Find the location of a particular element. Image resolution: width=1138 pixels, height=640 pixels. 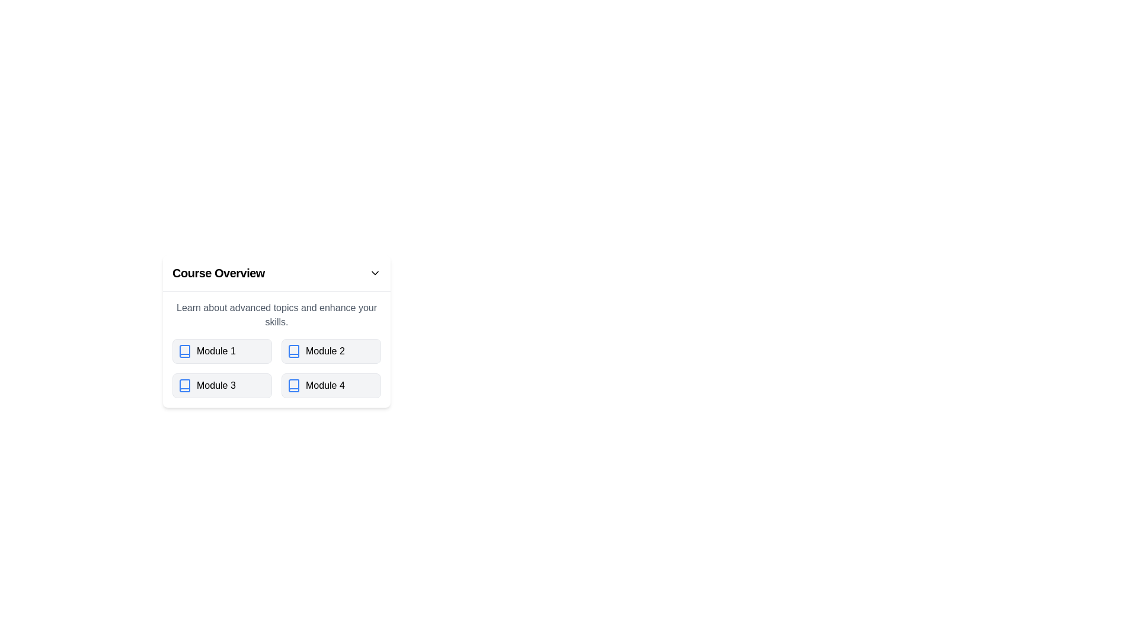

the module selection button labeled 'Module 4' located in the bottom-right corner of the grid of buttons is located at coordinates (331, 386).